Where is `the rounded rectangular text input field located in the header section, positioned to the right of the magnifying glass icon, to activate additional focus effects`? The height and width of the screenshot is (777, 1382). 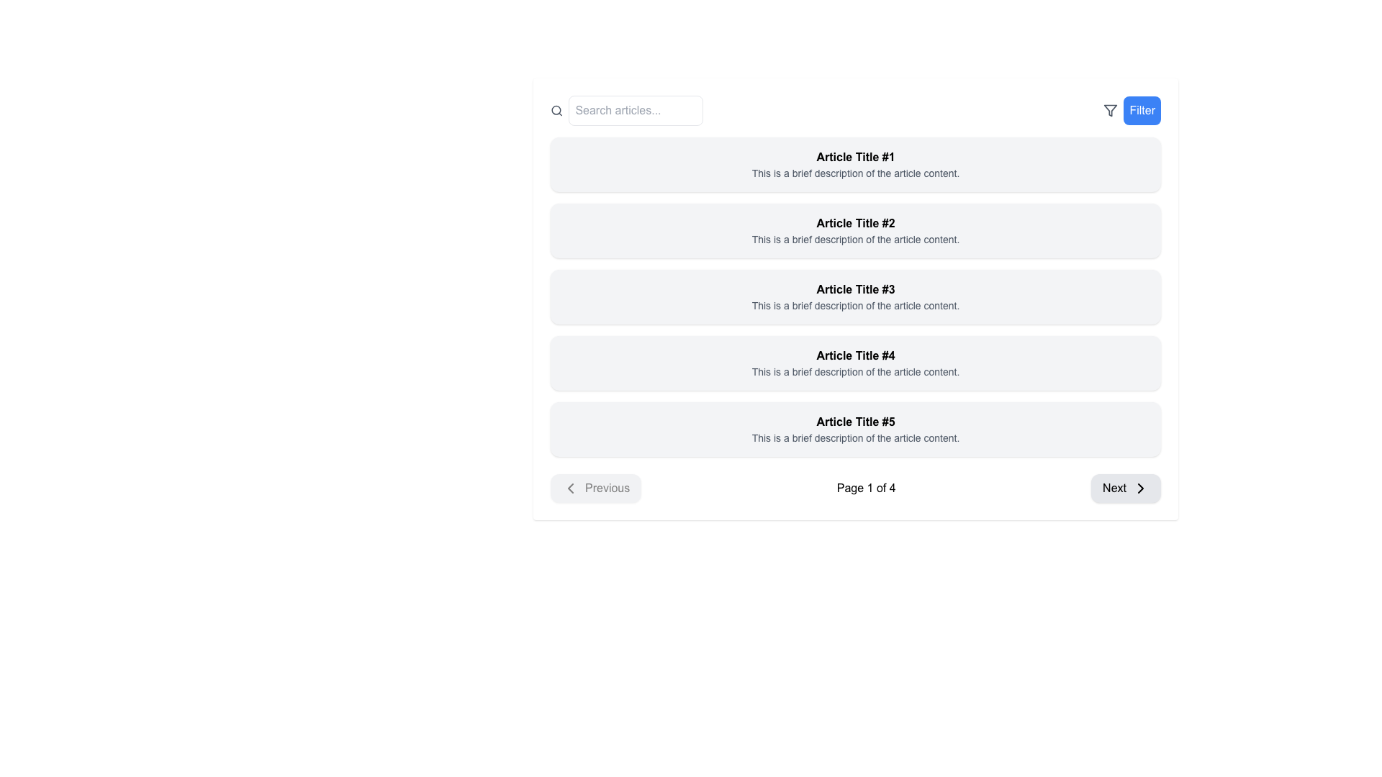 the rounded rectangular text input field located in the header section, positioned to the right of the magnifying glass icon, to activate additional focus effects is located at coordinates (635, 110).